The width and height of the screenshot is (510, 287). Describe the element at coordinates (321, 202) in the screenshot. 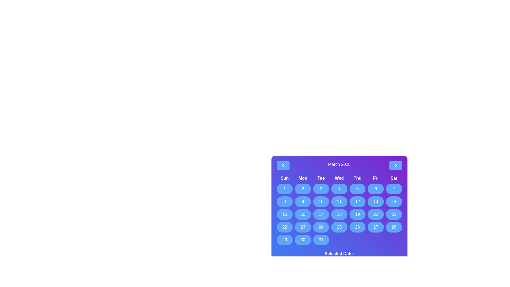

I see `the button corresponding to Tuesday, March 10 in the calendar grid view` at that location.